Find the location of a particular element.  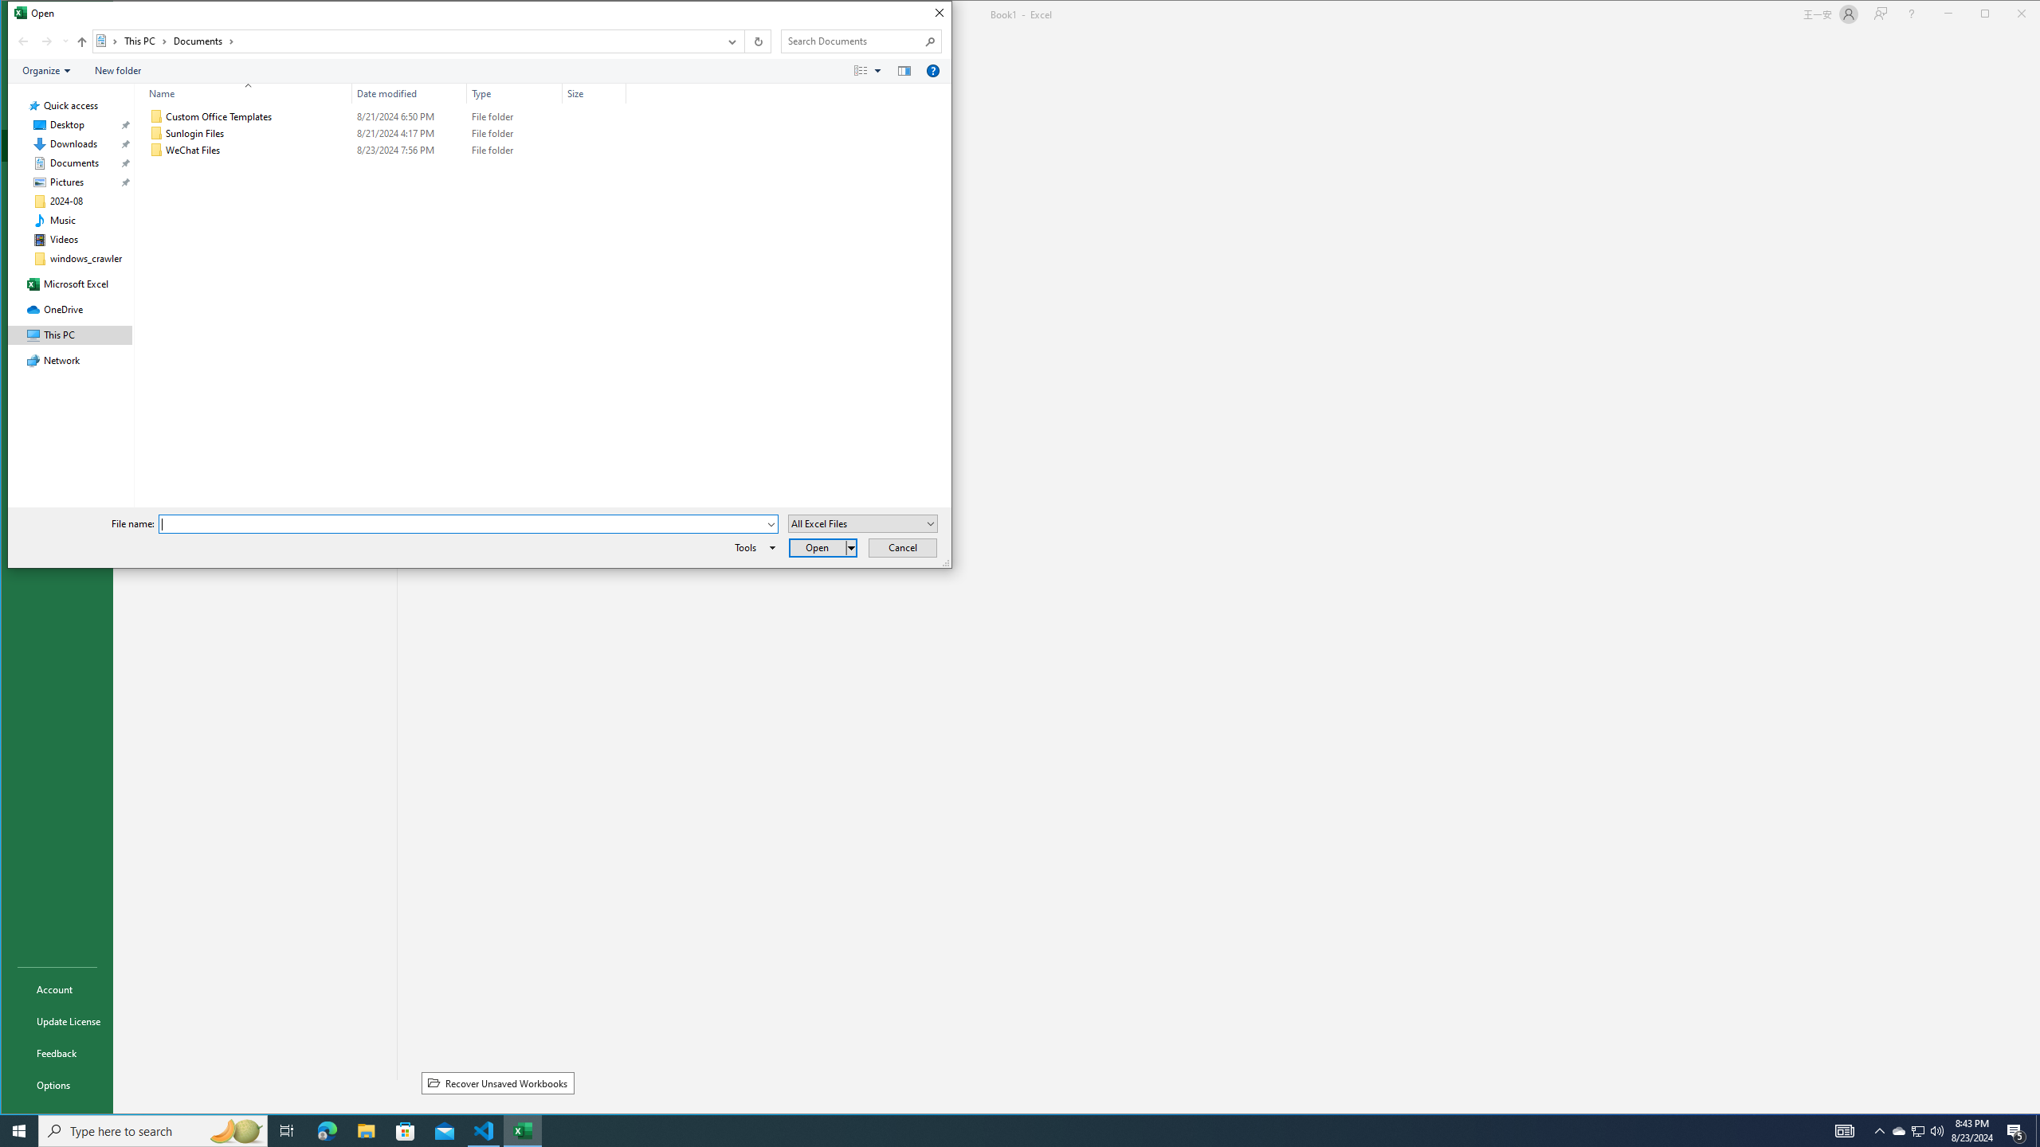

'View Slider' is located at coordinates (877, 70).